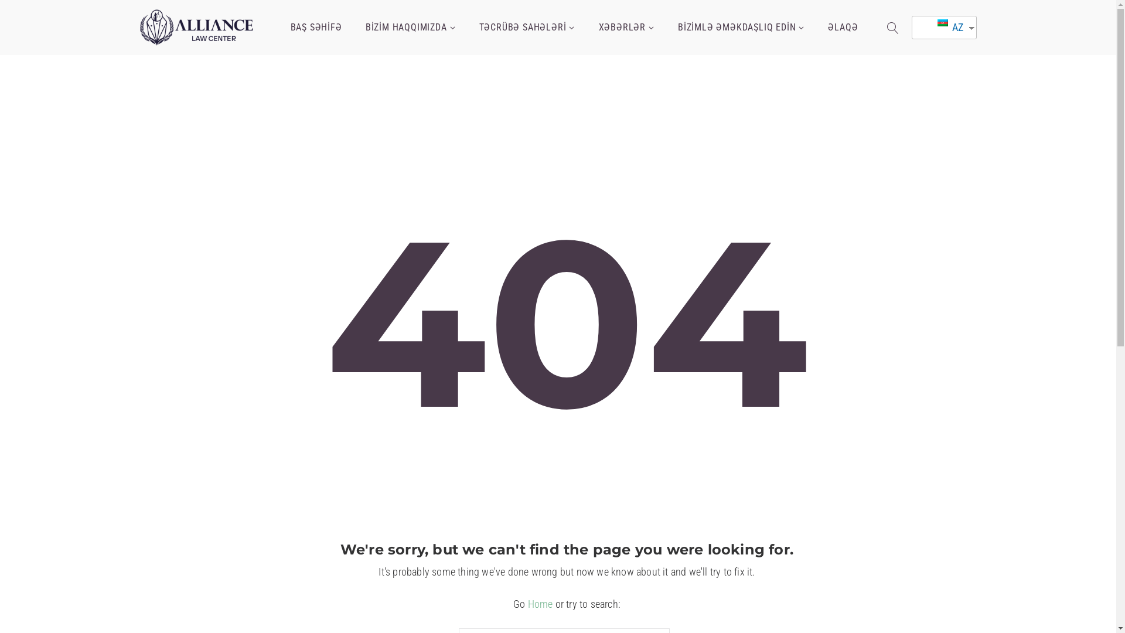 The width and height of the screenshot is (1125, 633). I want to click on 'Azerbaijani', so click(936, 22).